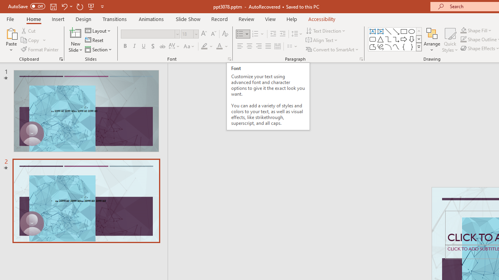 This screenshot has width=499, height=280. Describe the element at coordinates (60, 58) in the screenshot. I see `'Office Clipboard...'` at that location.